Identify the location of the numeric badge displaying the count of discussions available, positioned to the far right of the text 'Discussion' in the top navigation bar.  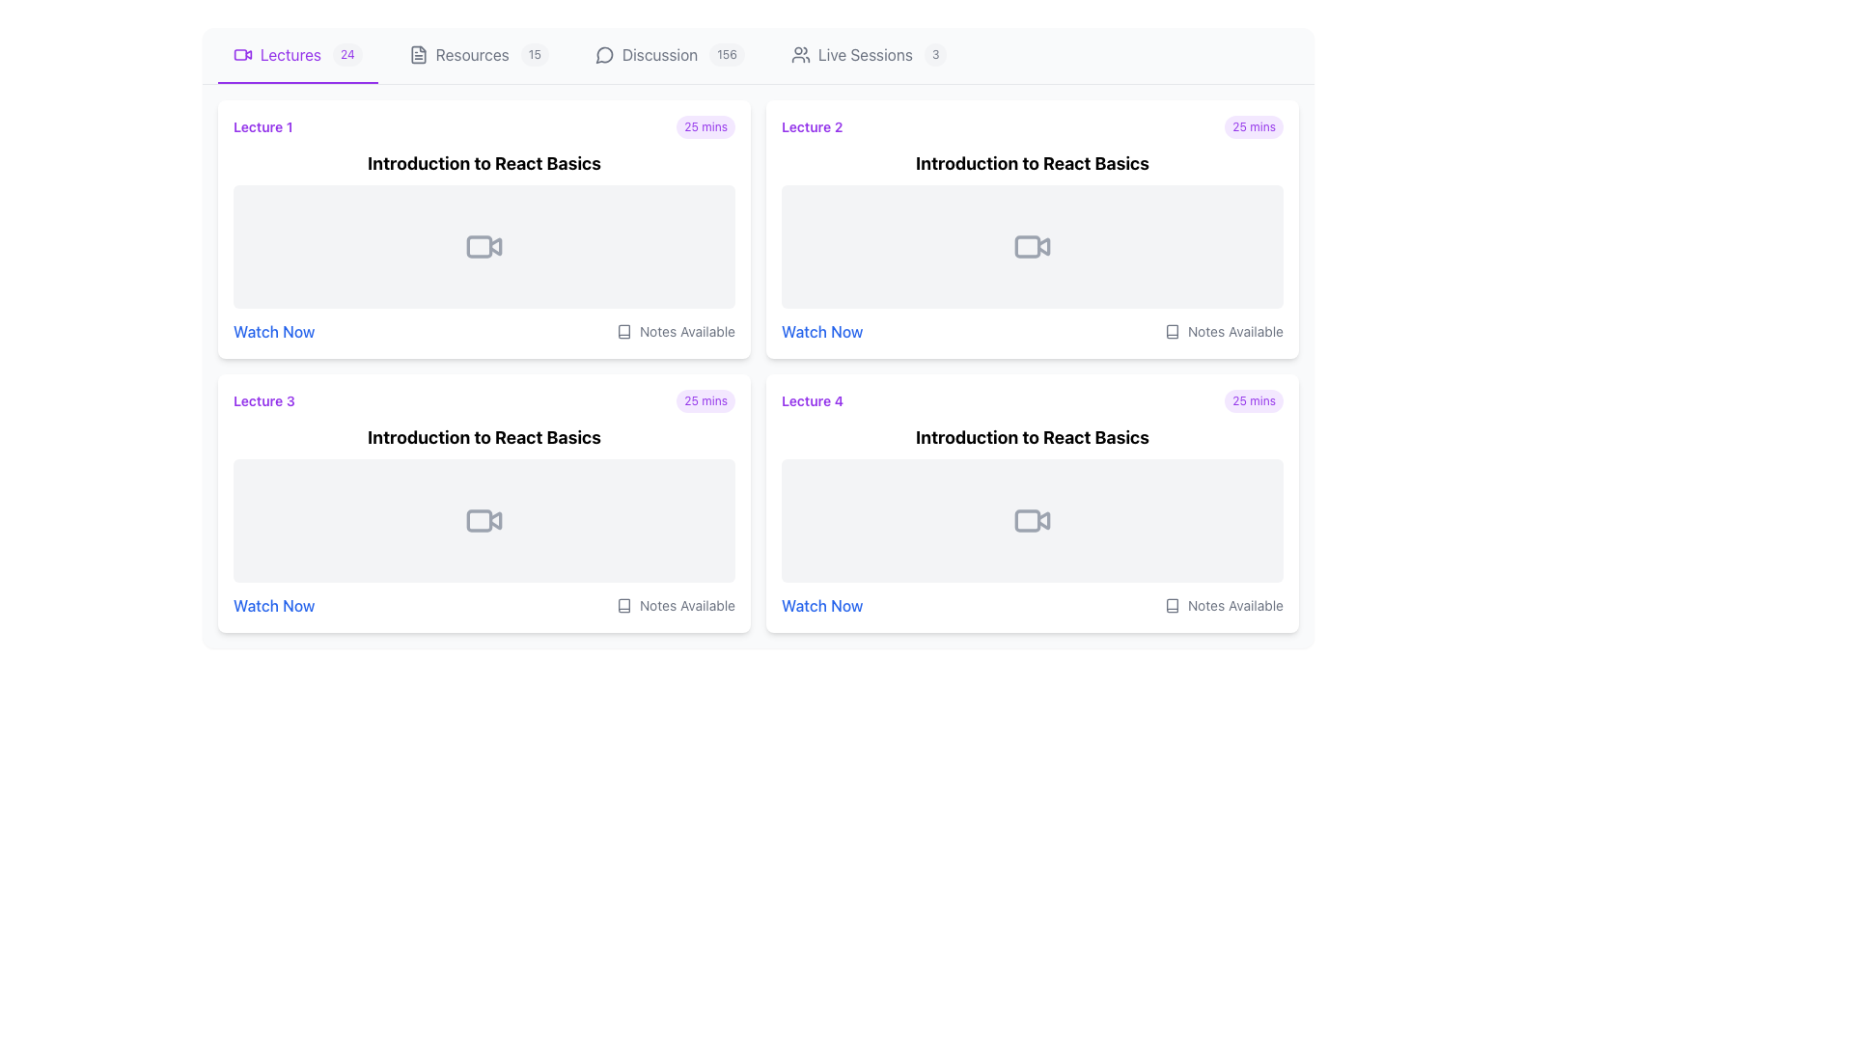
(726, 54).